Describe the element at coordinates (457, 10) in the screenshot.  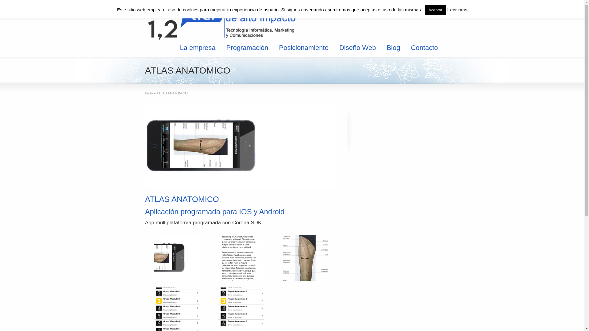
I see `'Leer mas'` at that location.